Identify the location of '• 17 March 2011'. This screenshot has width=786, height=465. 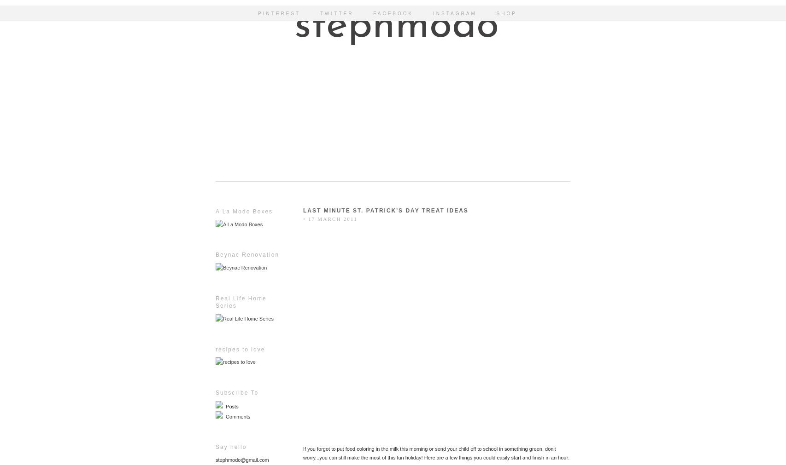
(330, 218).